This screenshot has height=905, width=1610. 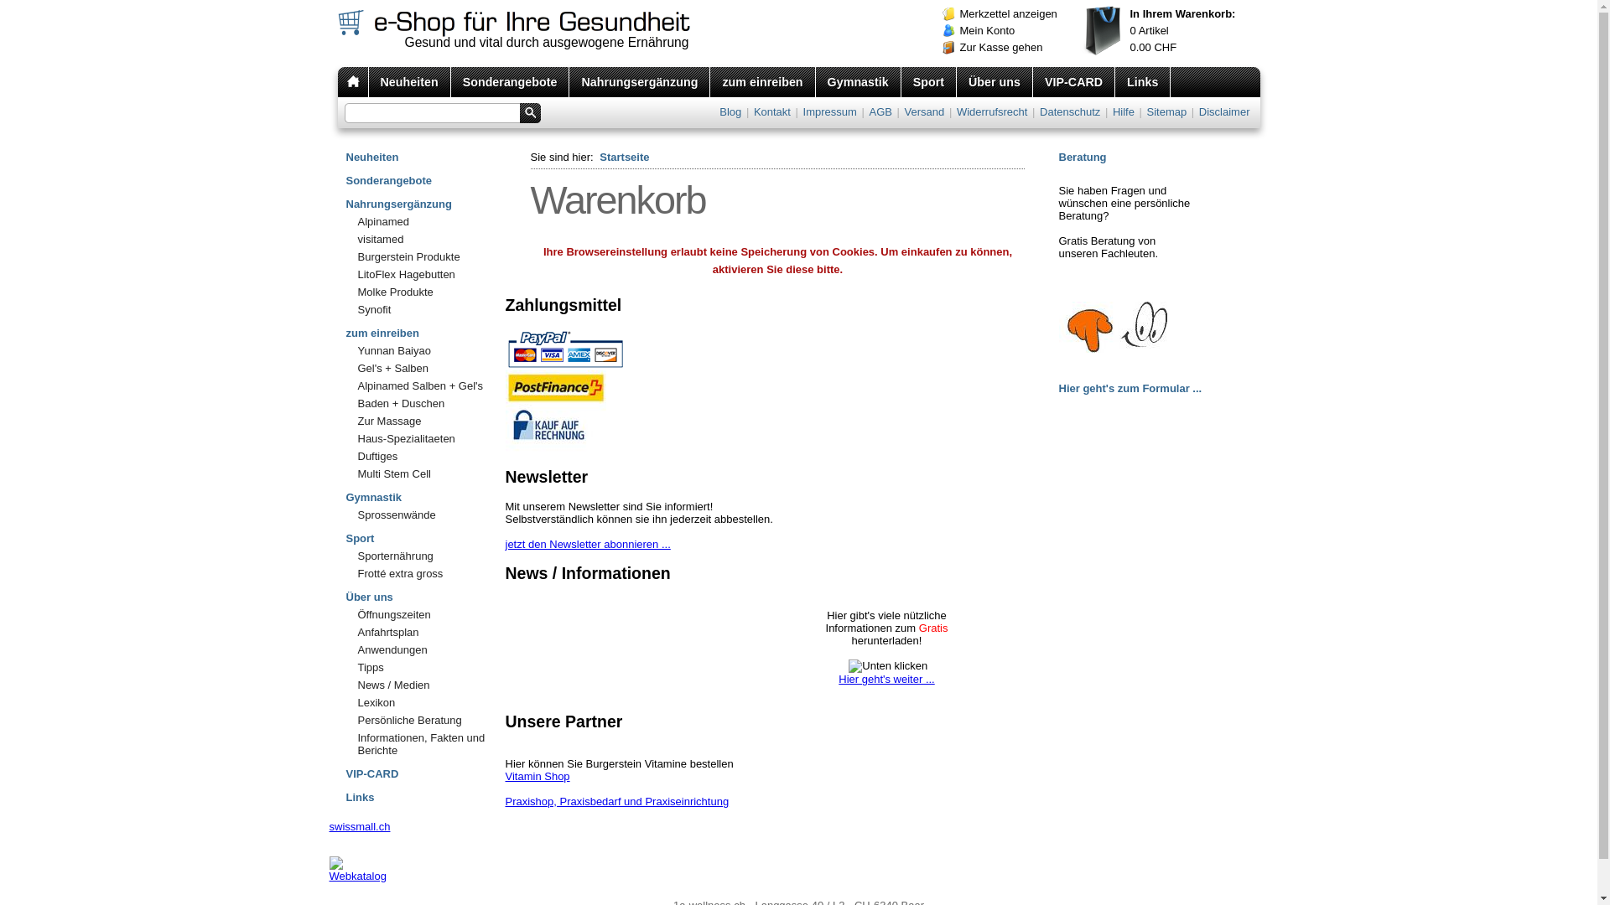 I want to click on 'Disclaimer', so click(x=1197, y=111).